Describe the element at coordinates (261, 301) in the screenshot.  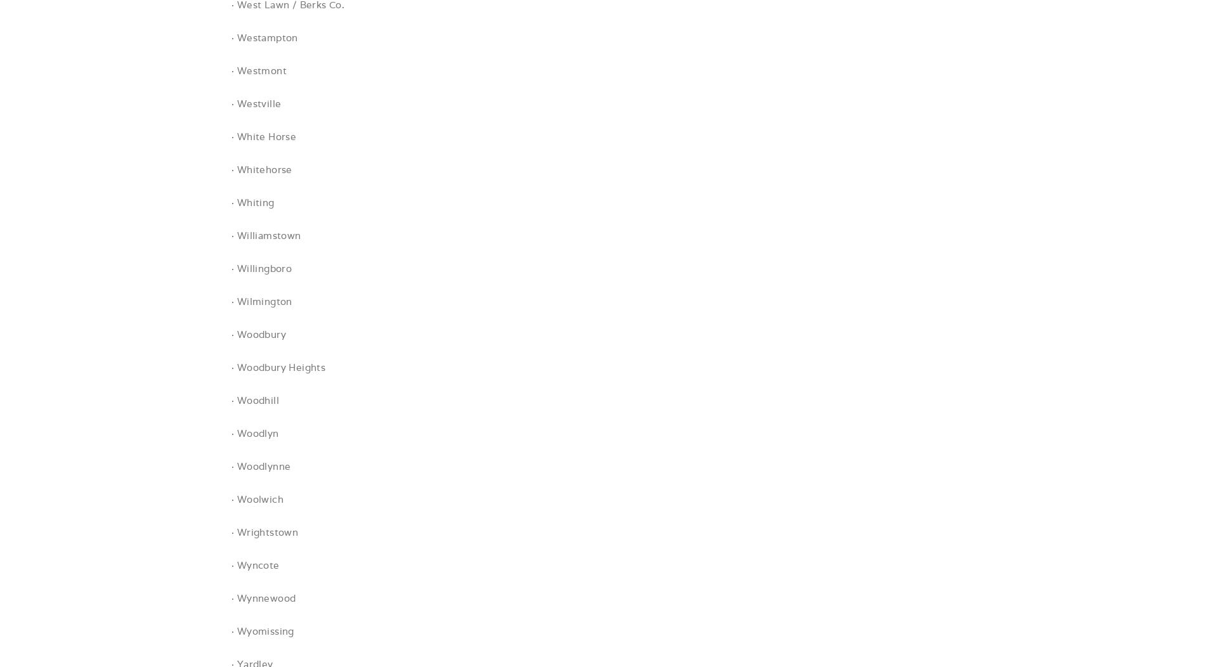
I see `'· Wilmington'` at that location.